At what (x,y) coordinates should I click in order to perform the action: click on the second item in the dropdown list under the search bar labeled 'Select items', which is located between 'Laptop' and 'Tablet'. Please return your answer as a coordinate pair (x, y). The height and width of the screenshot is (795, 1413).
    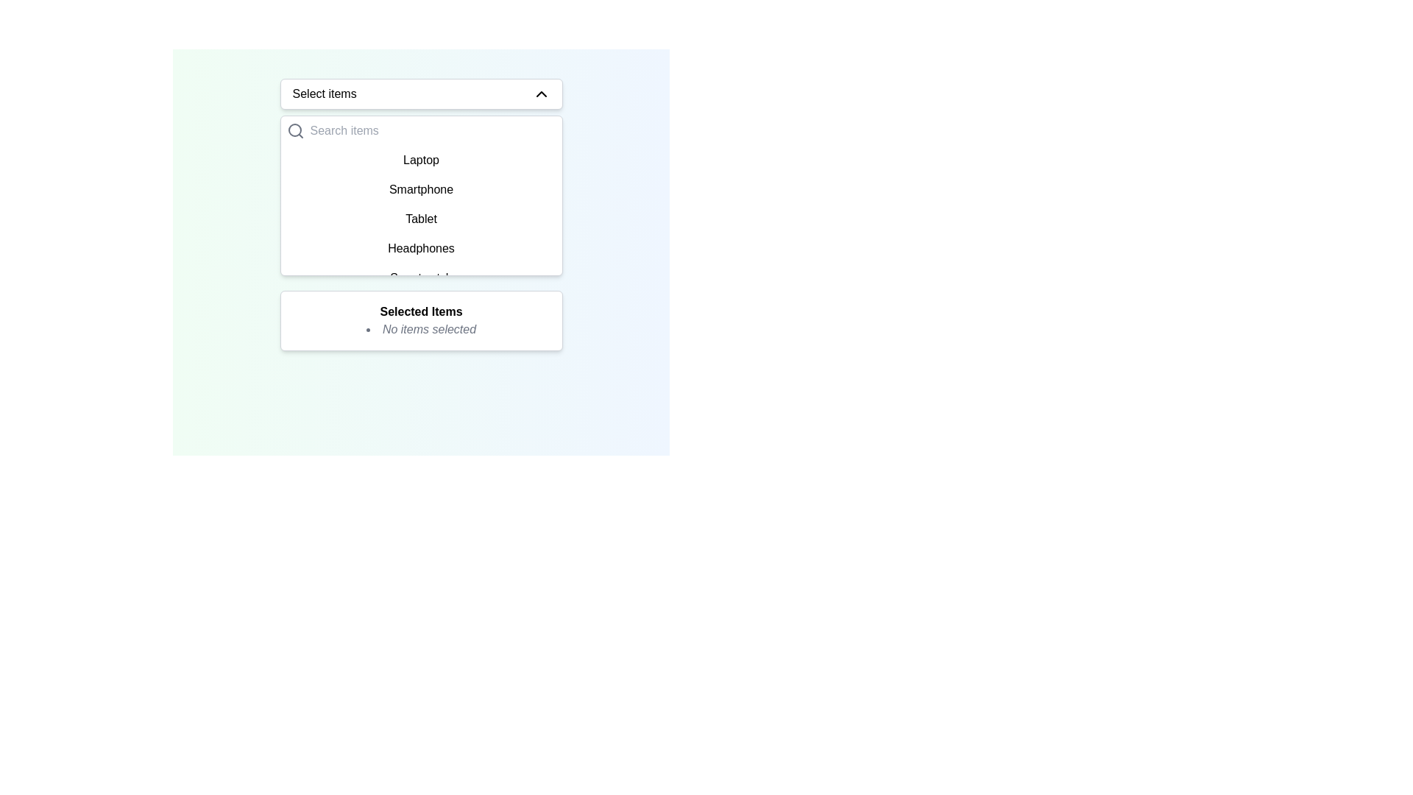
    Looking at the image, I should click on (420, 176).